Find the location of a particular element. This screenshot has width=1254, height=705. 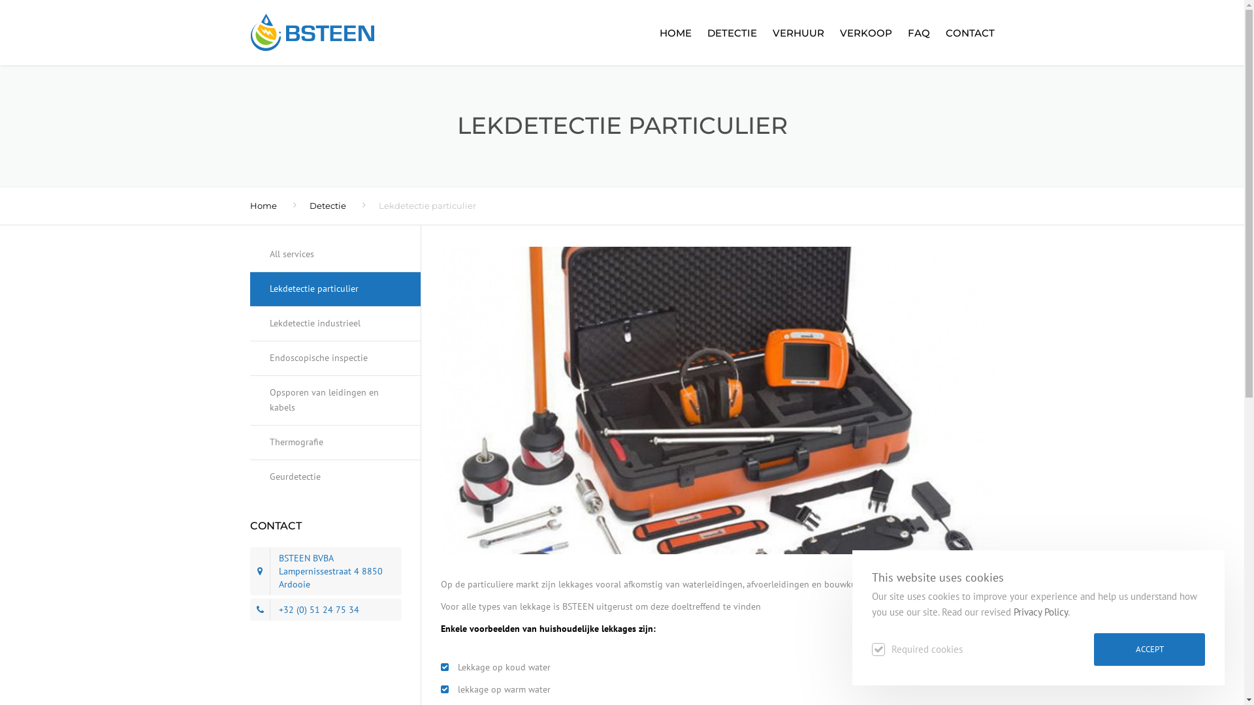

'ACCEPT' is located at coordinates (1149, 650).